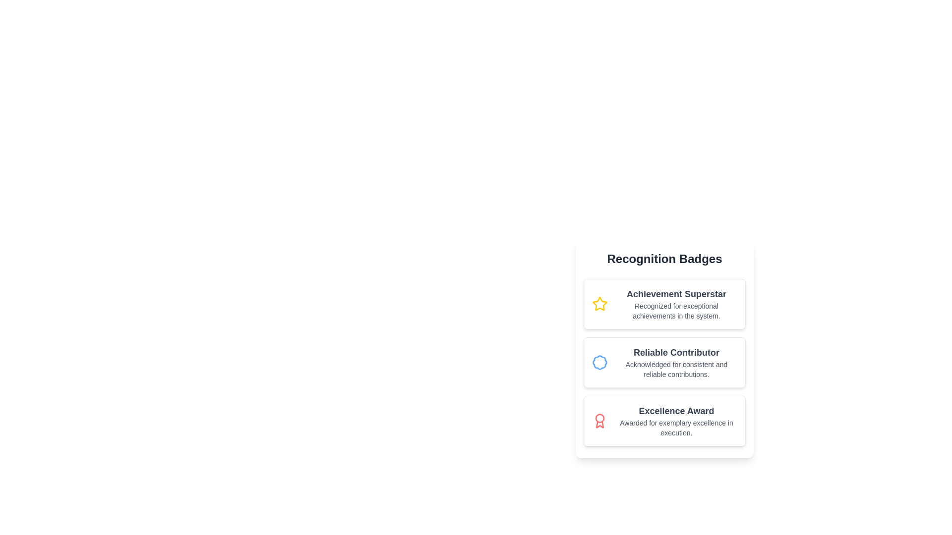 The height and width of the screenshot is (535, 952). What do you see at coordinates (676, 421) in the screenshot?
I see `the text label displaying 'Excellence Award', which is part of the third recognition badge in the list of awards` at bounding box center [676, 421].